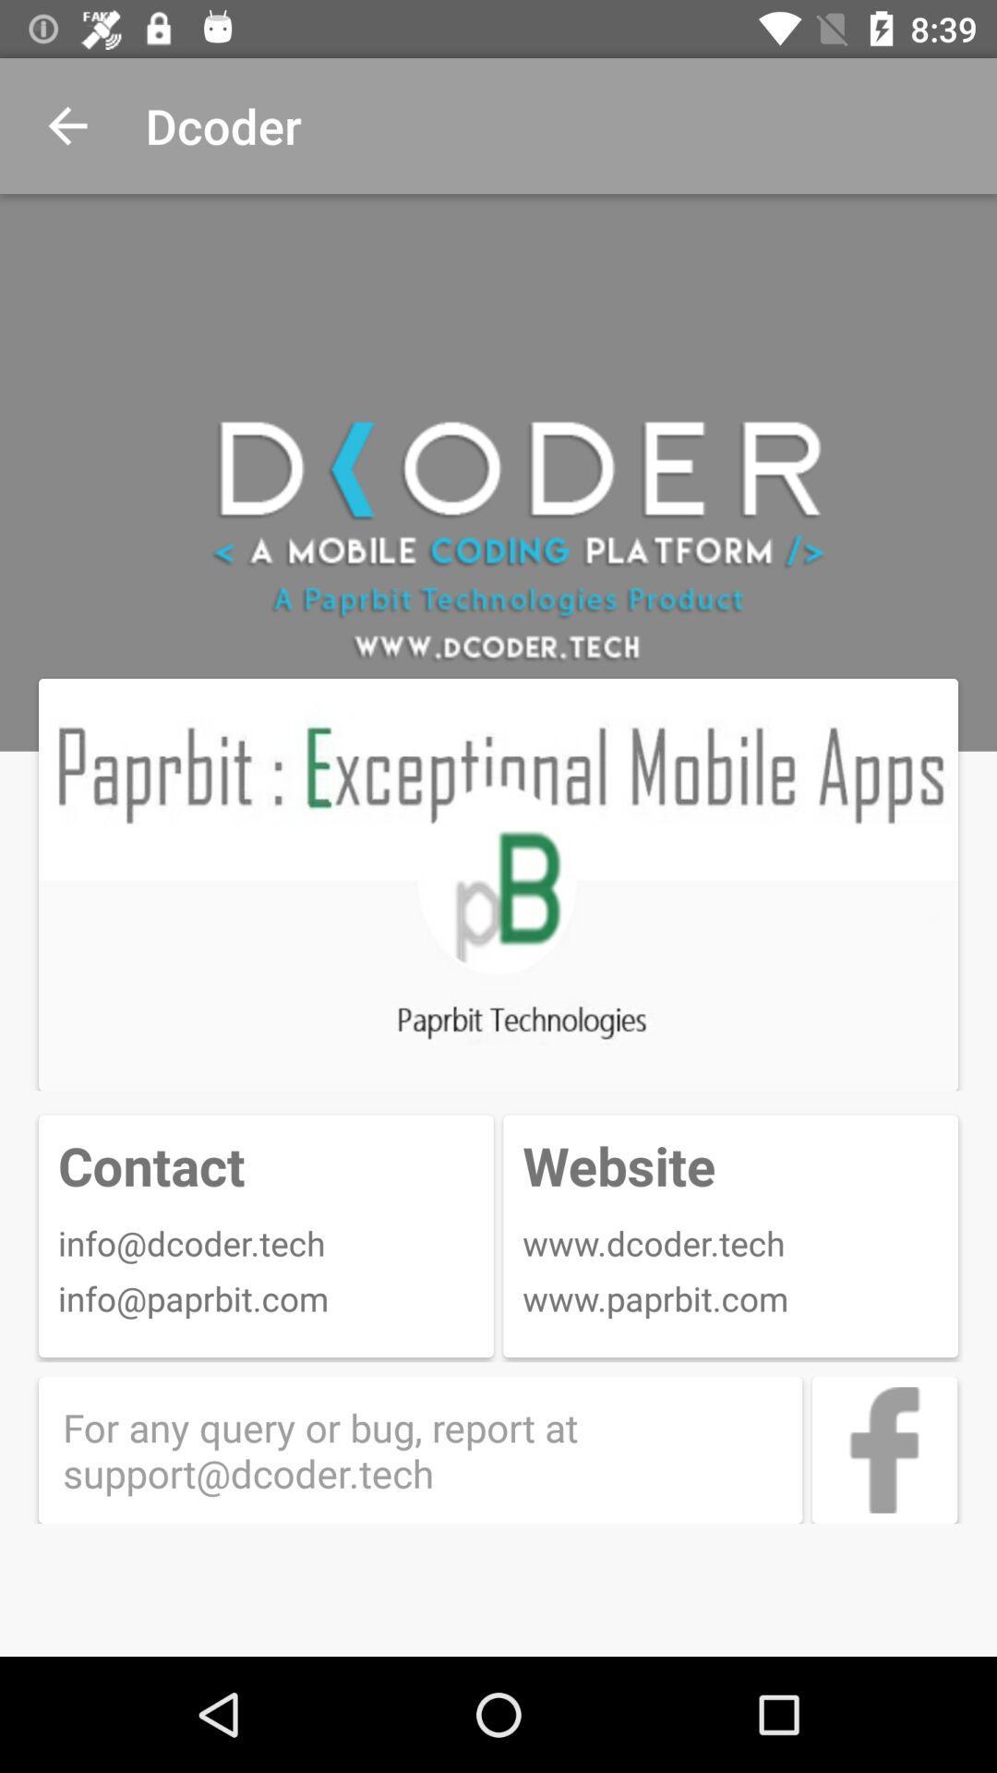 This screenshot has height=1773, width=997. Describe the element at coordinates (883, 1449) in the screenshot. I see `d oder 's facebook page` at that location.